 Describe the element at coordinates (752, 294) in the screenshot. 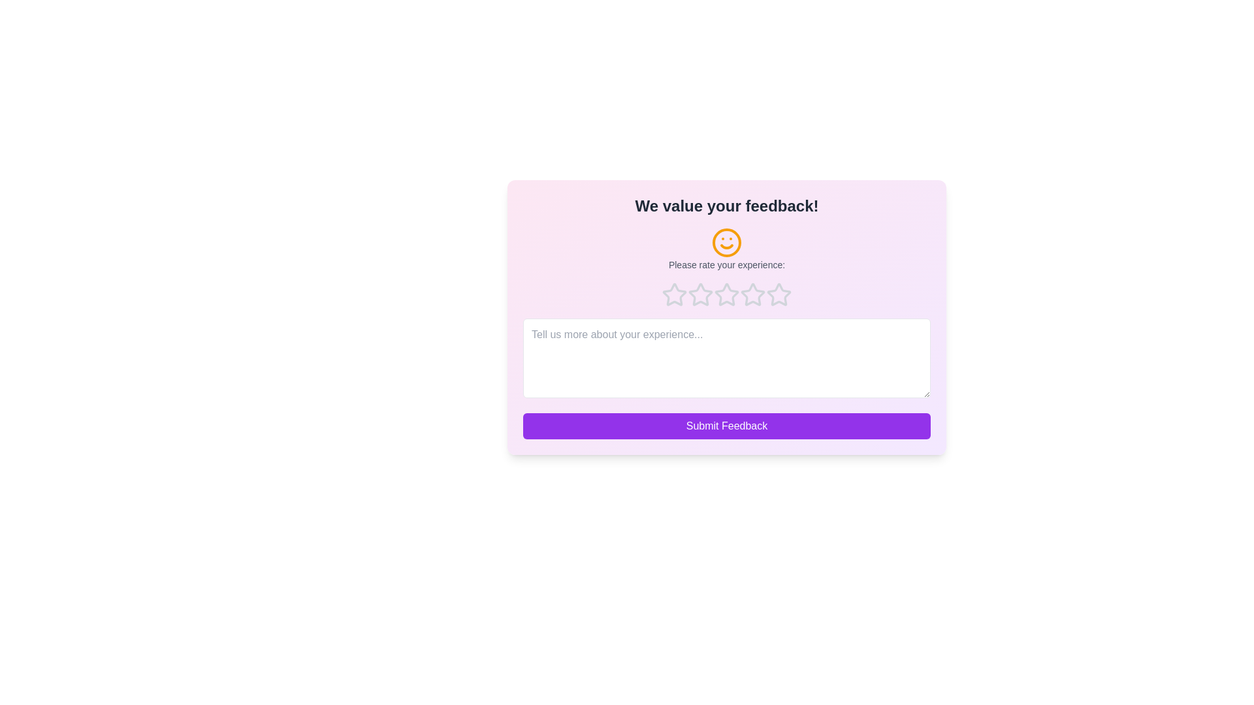

I see `the third star icon in the rating system` at that location.